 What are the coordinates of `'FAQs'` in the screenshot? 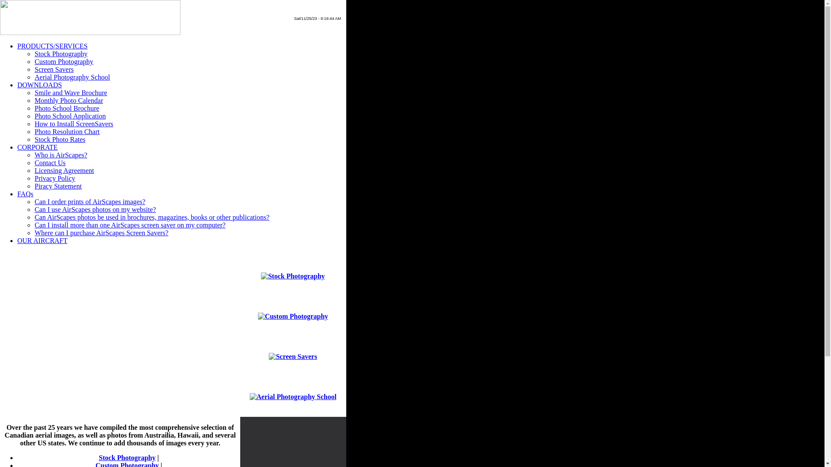 It's located at (25, 193).